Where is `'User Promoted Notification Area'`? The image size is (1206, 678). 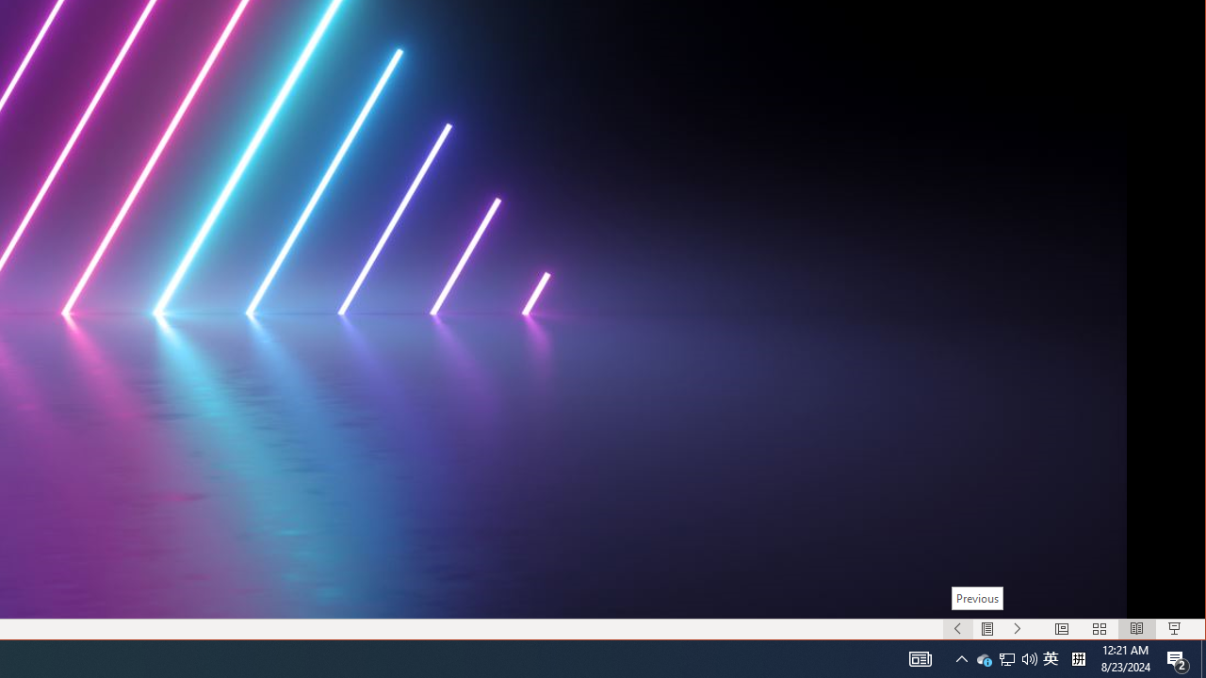
'User Promoted Notification Area' is located at coordinates (1029, 657).